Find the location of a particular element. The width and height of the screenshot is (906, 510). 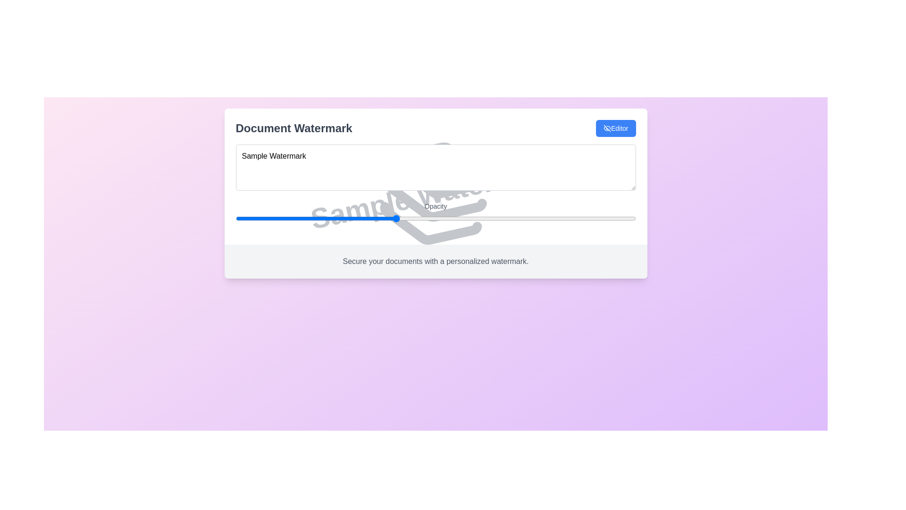

the icon located to the left of the 'Editor' text label within the 'Editor' button, which indicates or toggles visibility of associated content is located at coordinates (607, 128).